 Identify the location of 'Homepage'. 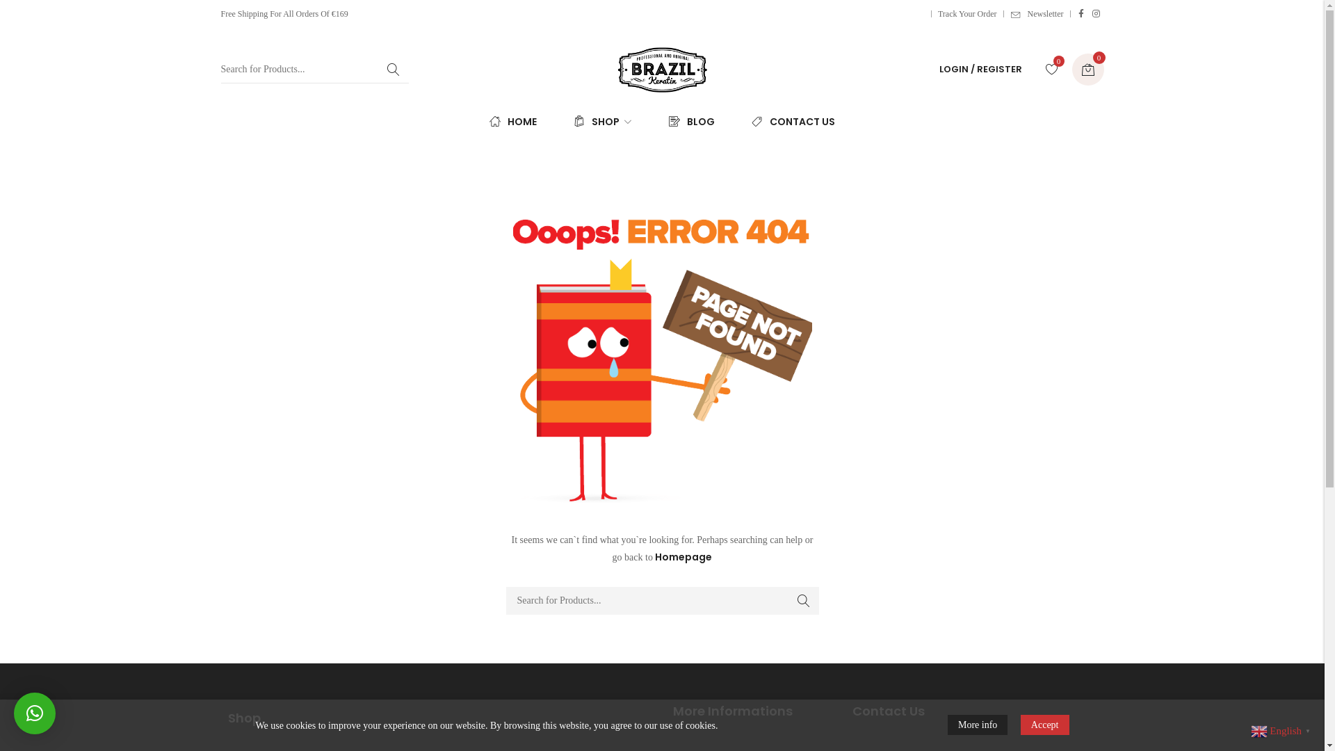
(654, 556).